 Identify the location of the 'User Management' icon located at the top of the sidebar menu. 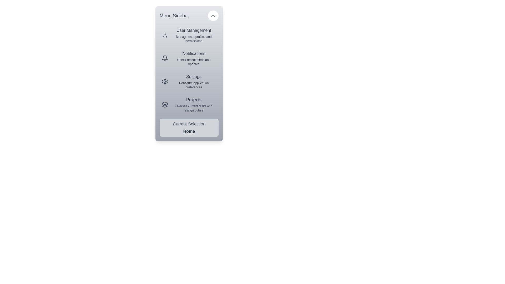
(165, 35).